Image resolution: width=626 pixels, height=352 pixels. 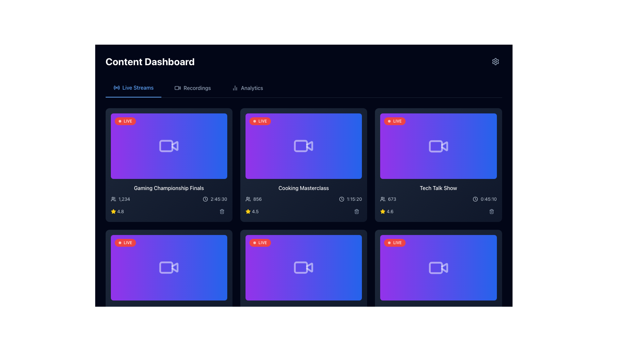 What do you see at coordinates (395, 242) in the screenshot?
I see `the live indicator label located near the top-left corner of the video thumbnail on the dashboard` at bounding box center [395, 242].